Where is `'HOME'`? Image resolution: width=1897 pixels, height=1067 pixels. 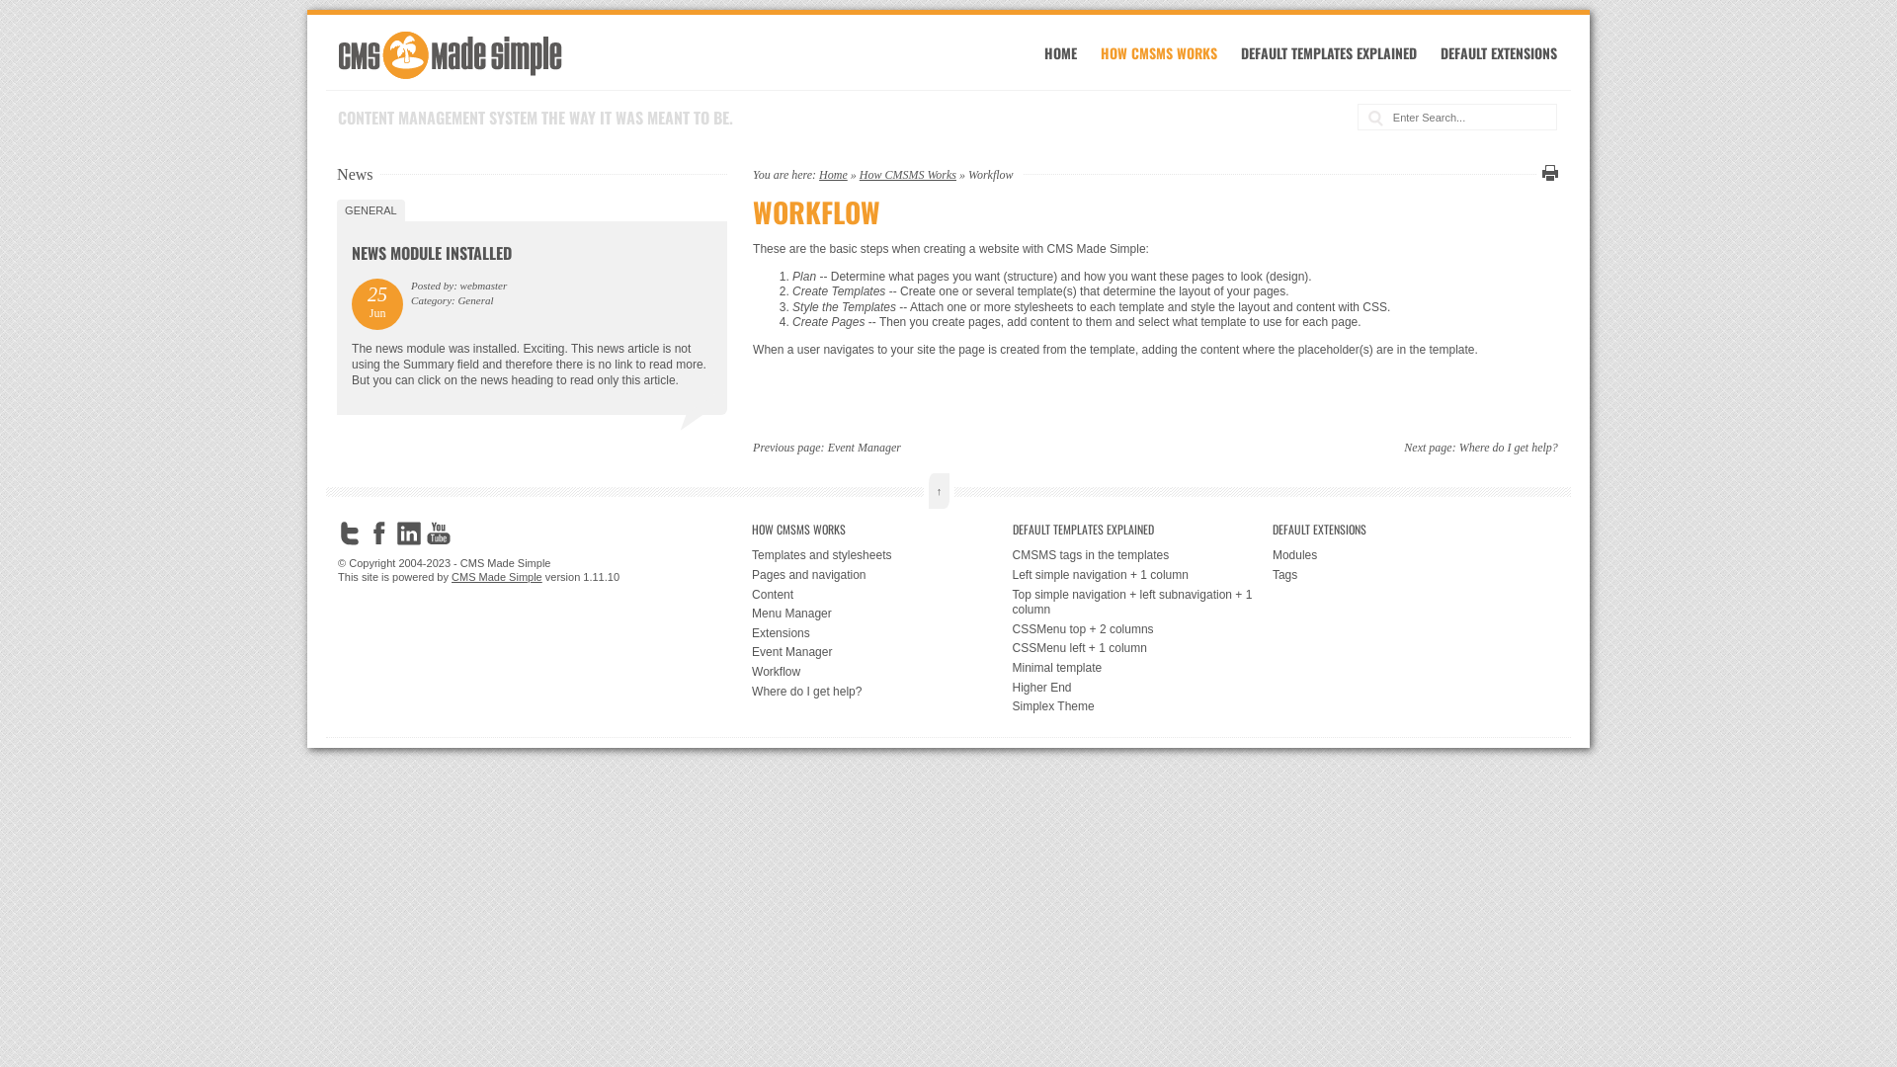 'HOME' is located at coordinates (1059, 51).